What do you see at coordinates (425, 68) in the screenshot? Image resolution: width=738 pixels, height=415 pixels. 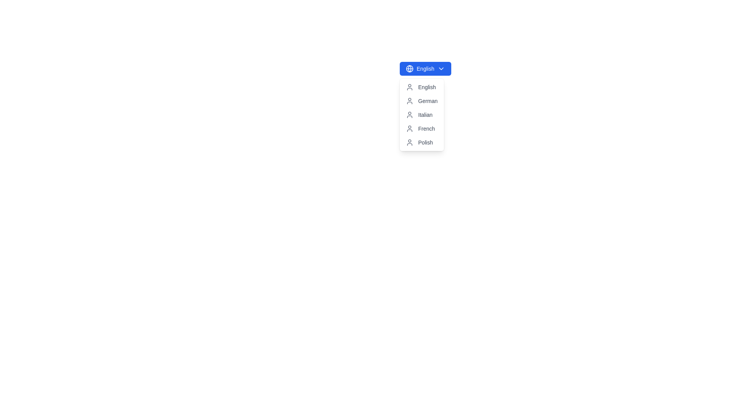 I see `the blue button labeled 'English' with a globe icon on the left and a downward-facing chevron on the right to apply hover effects` at bounding box center [425, 68].